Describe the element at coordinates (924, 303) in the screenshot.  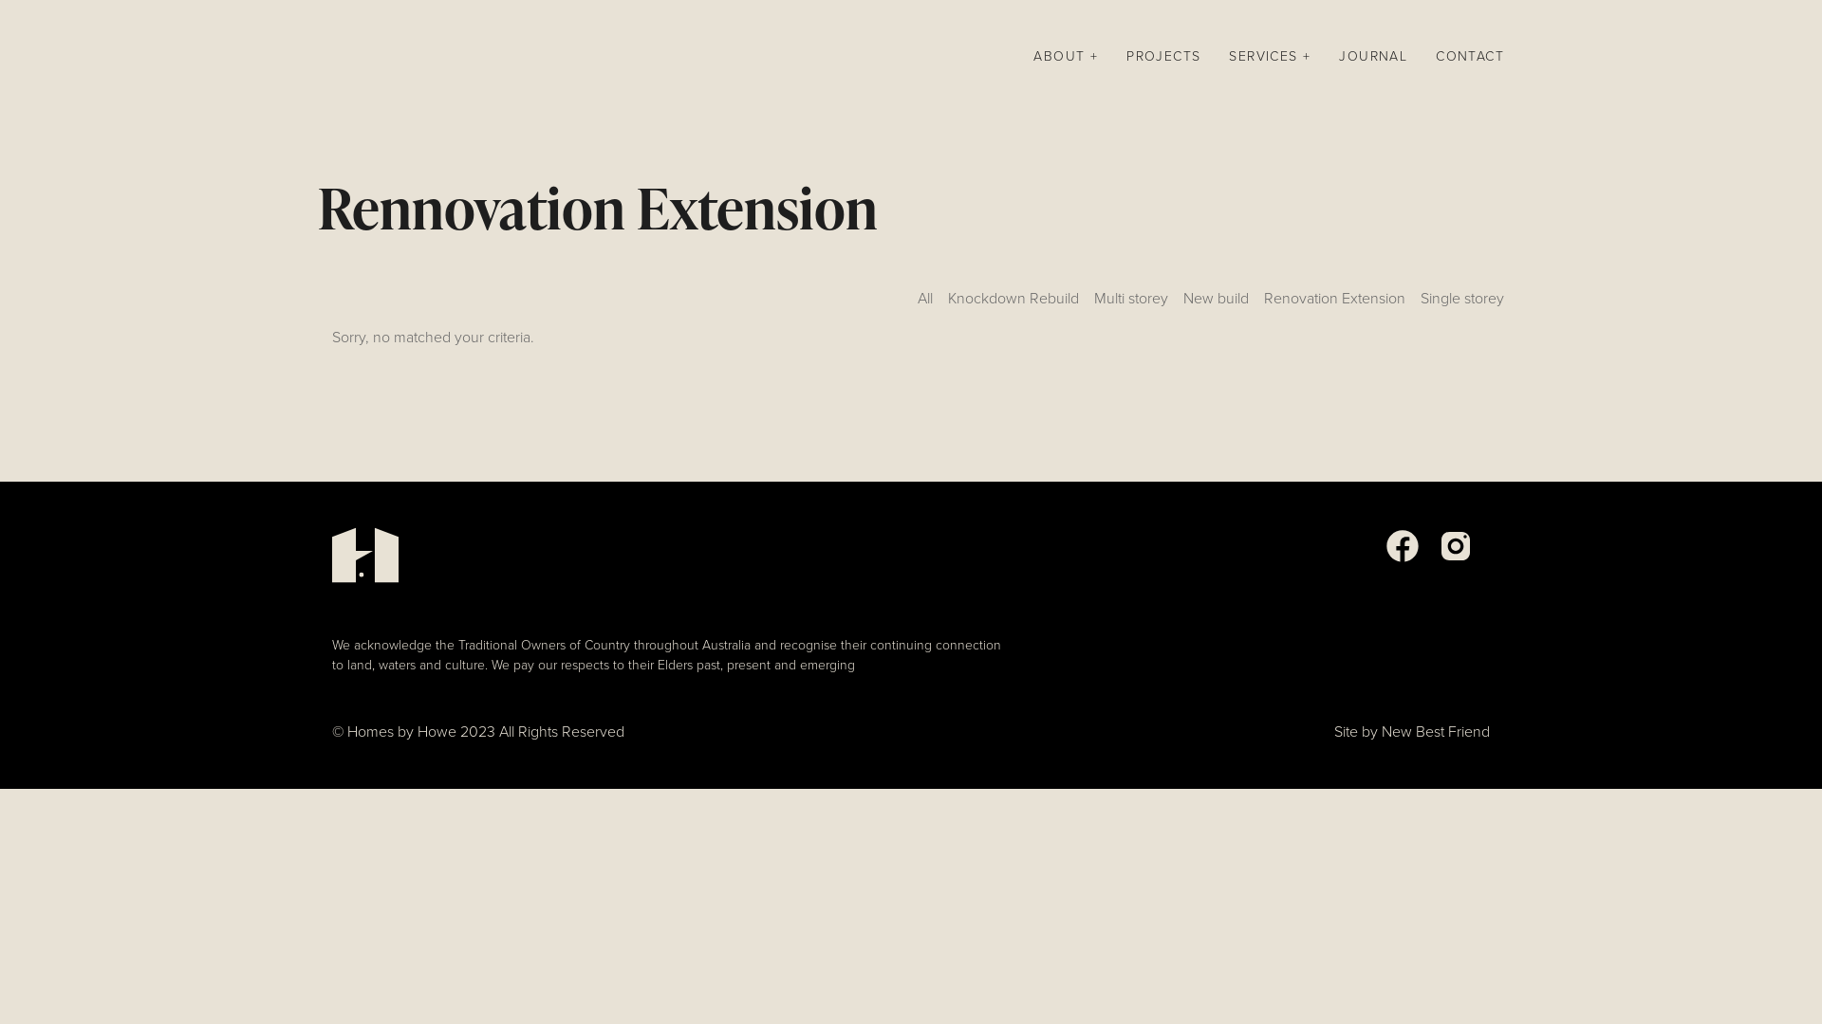
I see `'All'` at that location.